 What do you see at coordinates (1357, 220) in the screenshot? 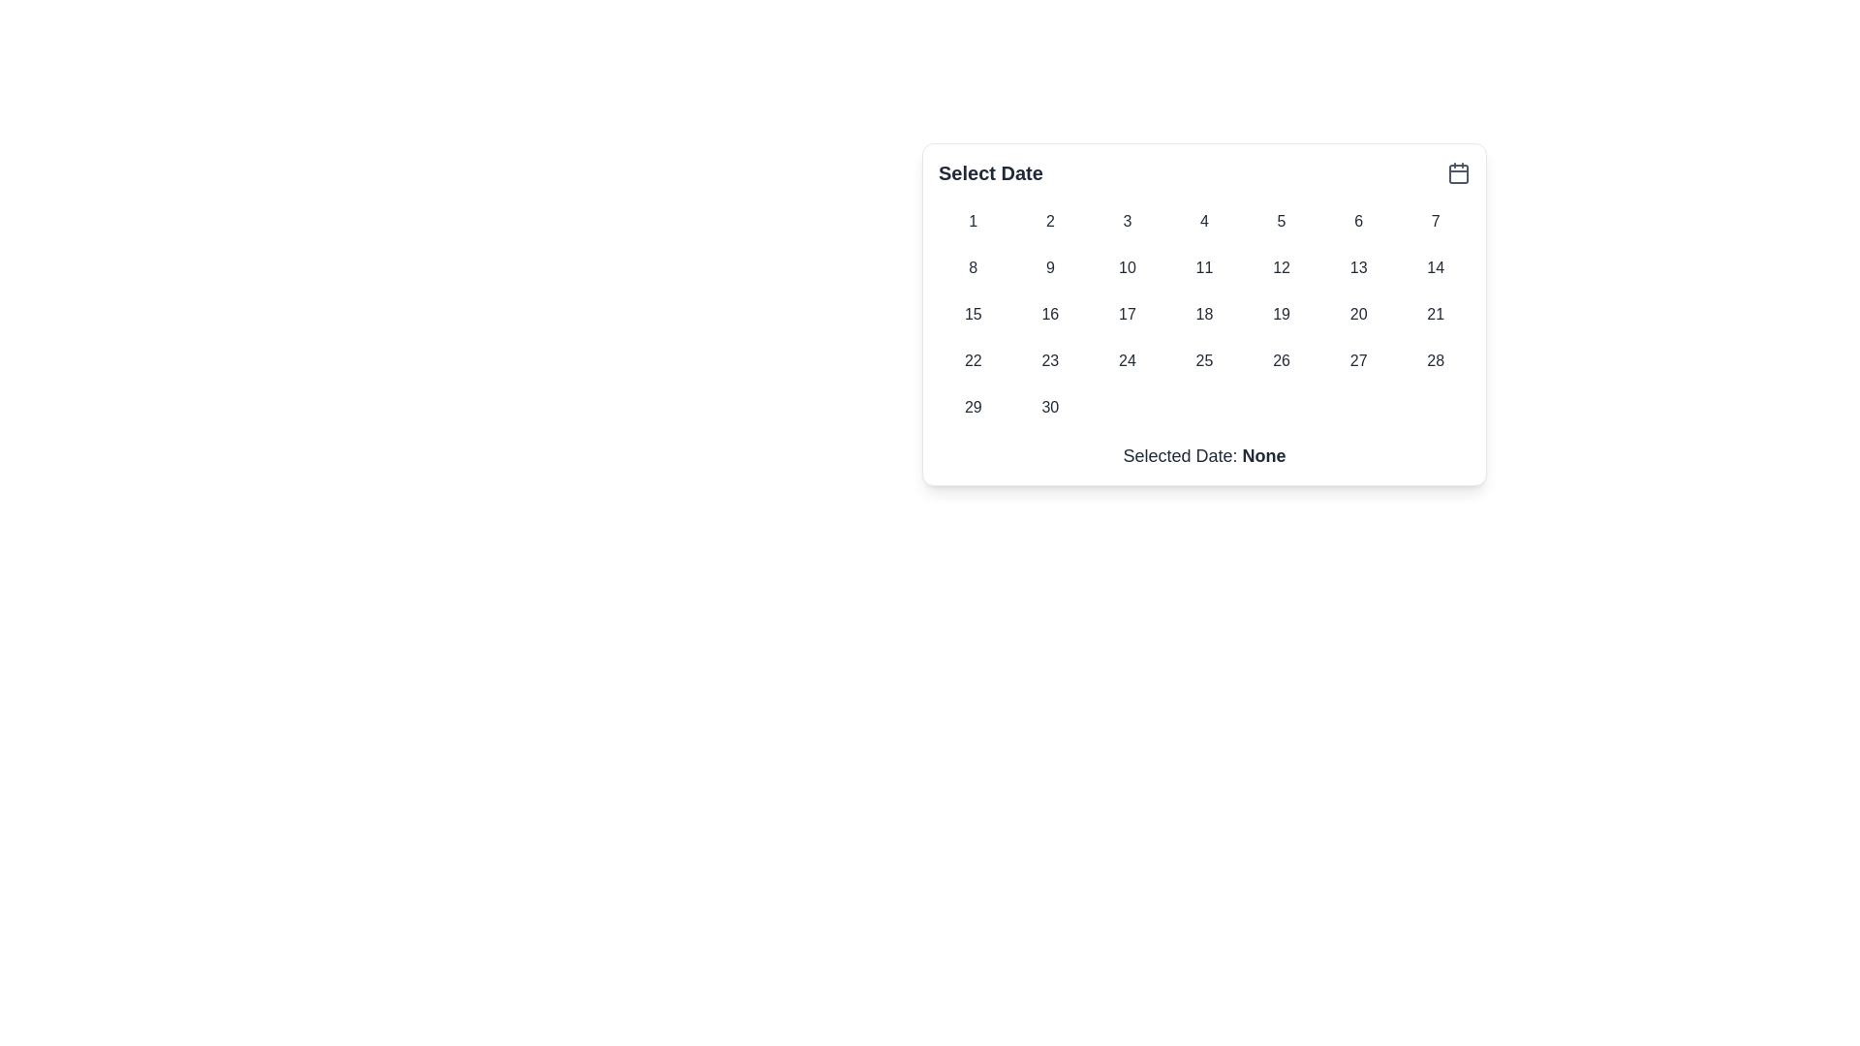
I see `the button labeled '6' in the date-picker interface` at bounding box center [1357, 220].